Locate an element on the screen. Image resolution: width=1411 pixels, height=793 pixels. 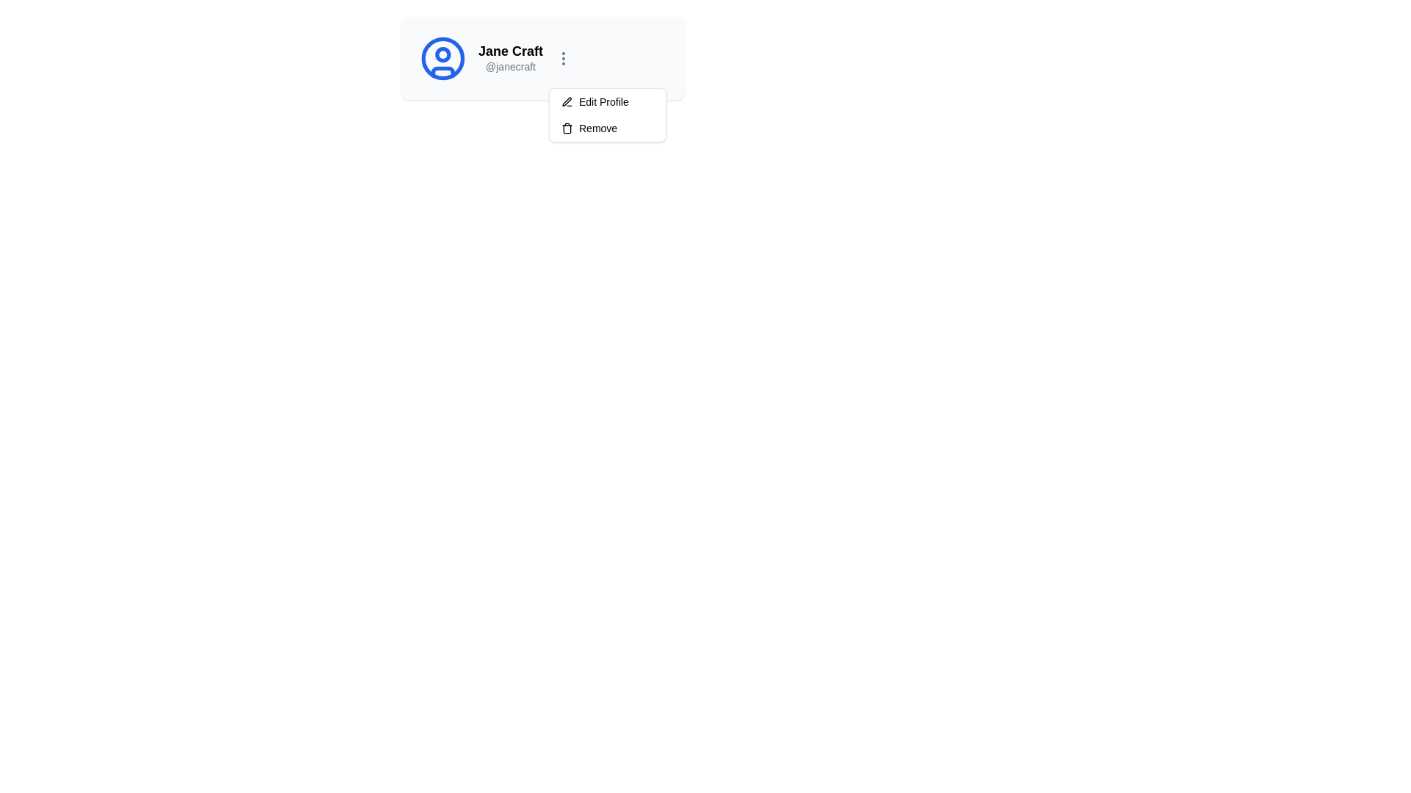
the SVG circle representing a user avatar placeholder located in the top-left corner of the user profile card is located at coordinates (442, 53).